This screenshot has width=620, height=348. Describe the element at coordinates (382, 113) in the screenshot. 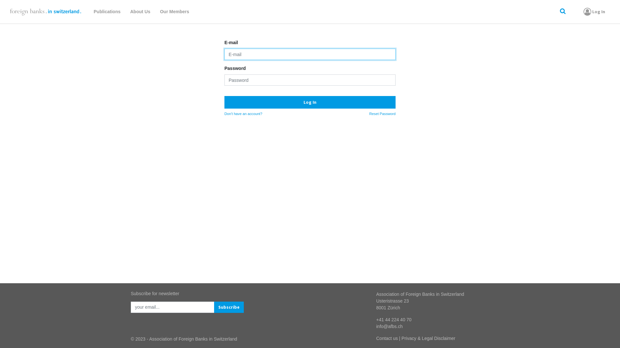

I see `'Reset Password'` at that location.